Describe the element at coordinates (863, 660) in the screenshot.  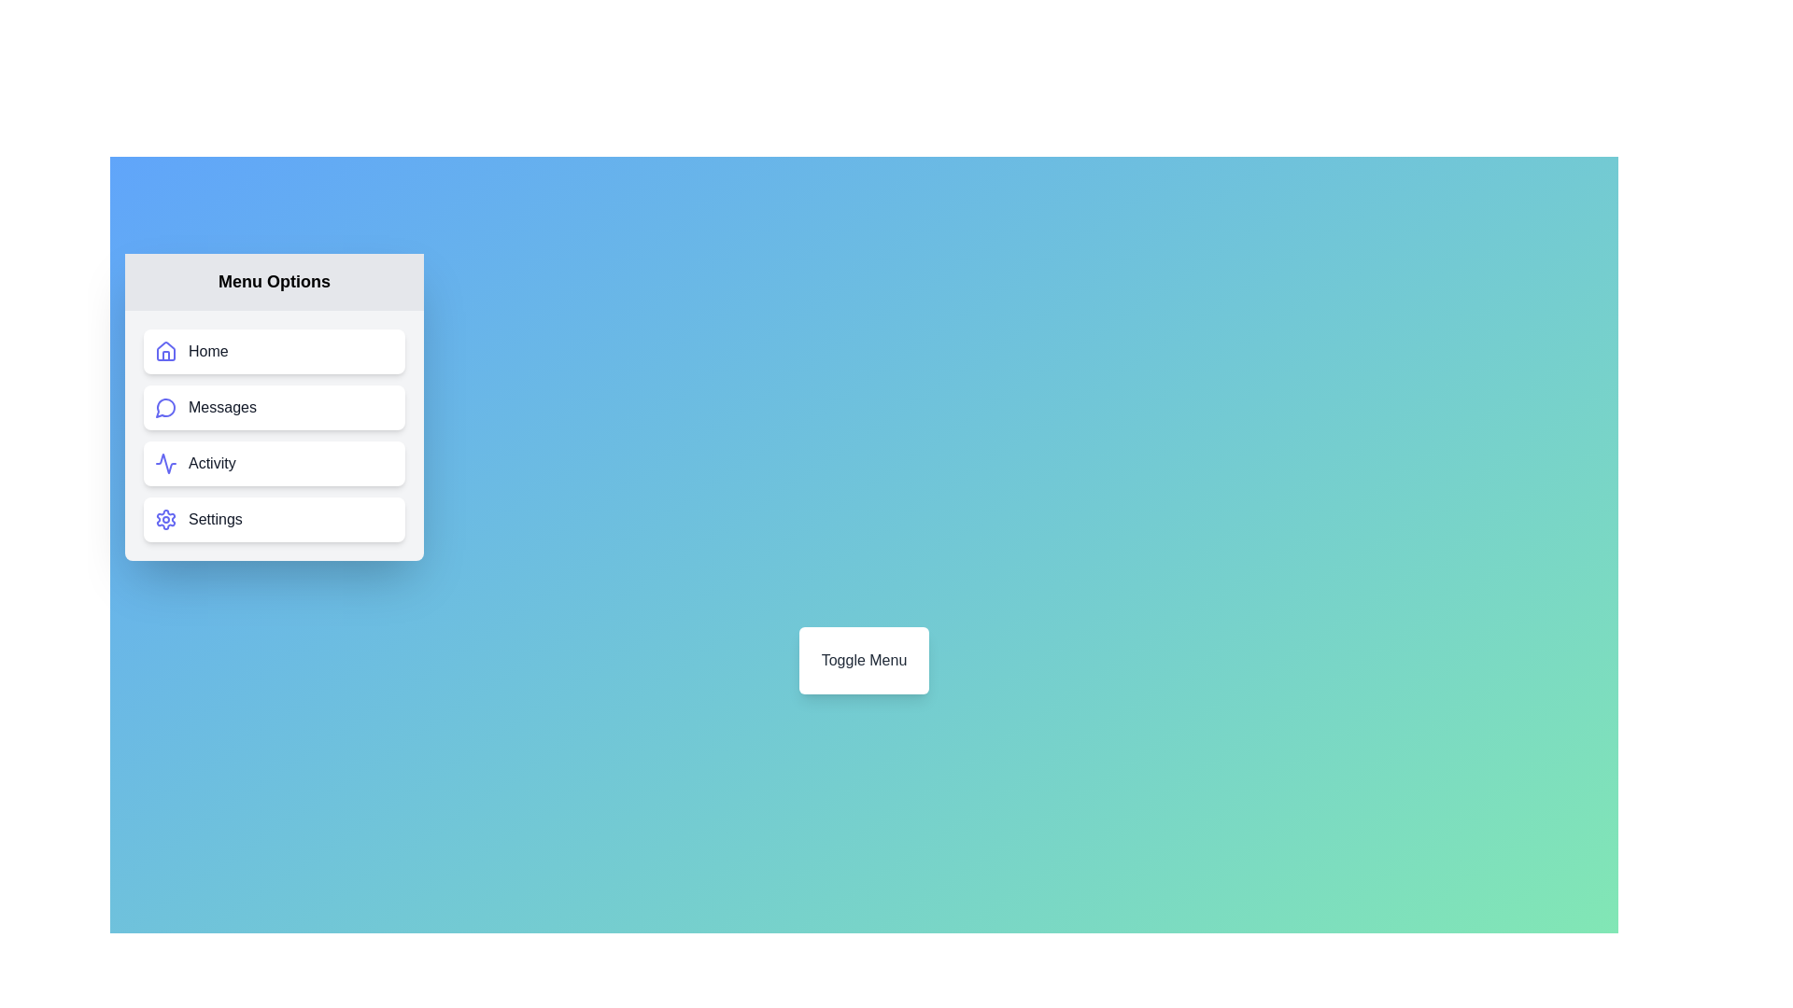
I see `the 'Toggle Menu' button to toggle the menu visibility` at that location.